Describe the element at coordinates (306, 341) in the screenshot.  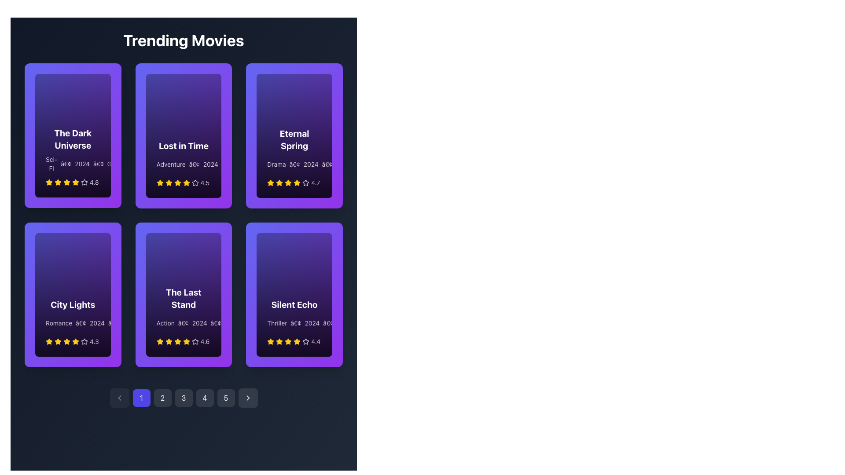
I see `the fifth outlined star icon in the star rating system located below the 'Silent Echo' card in the 'Trending Movies' section` at that location.